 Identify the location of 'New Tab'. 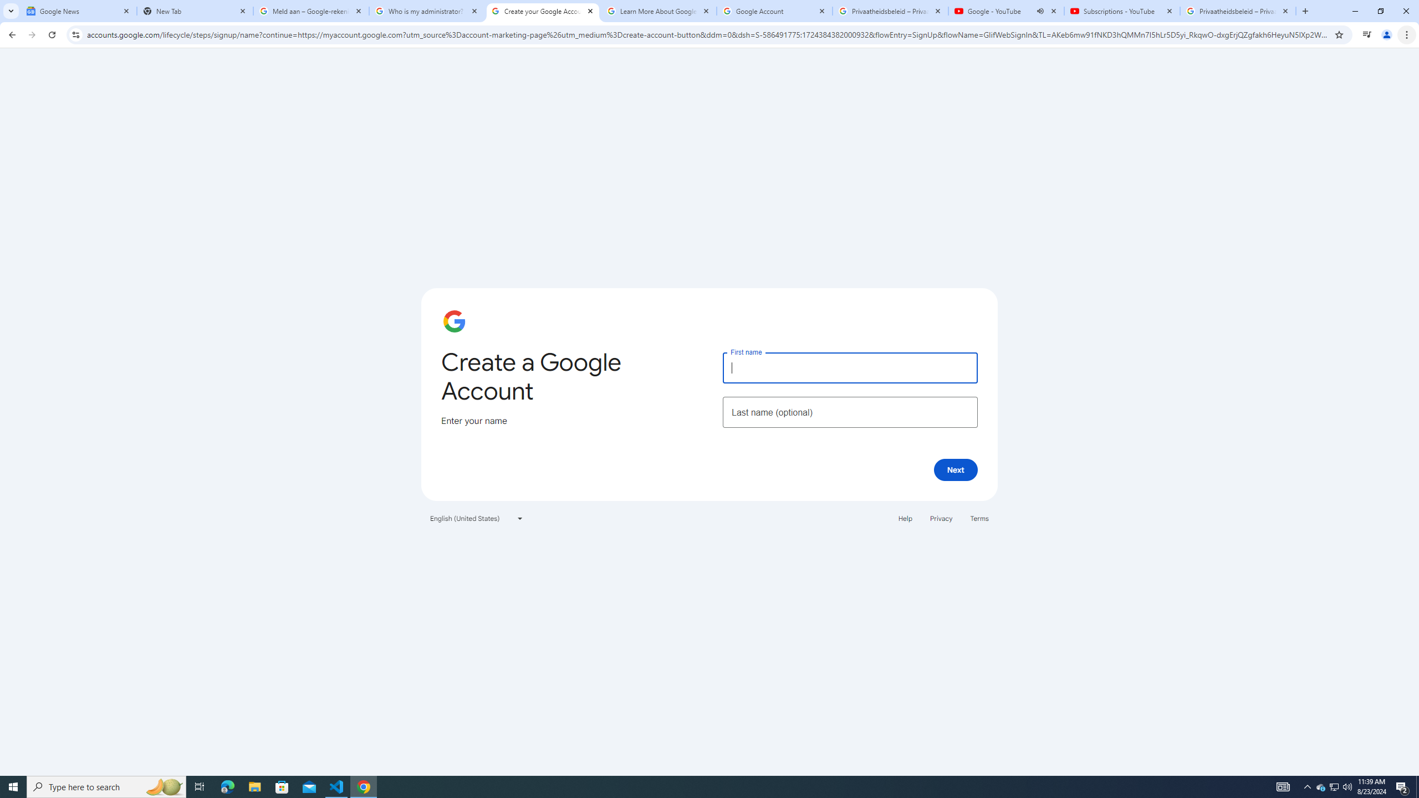
(195, 11).